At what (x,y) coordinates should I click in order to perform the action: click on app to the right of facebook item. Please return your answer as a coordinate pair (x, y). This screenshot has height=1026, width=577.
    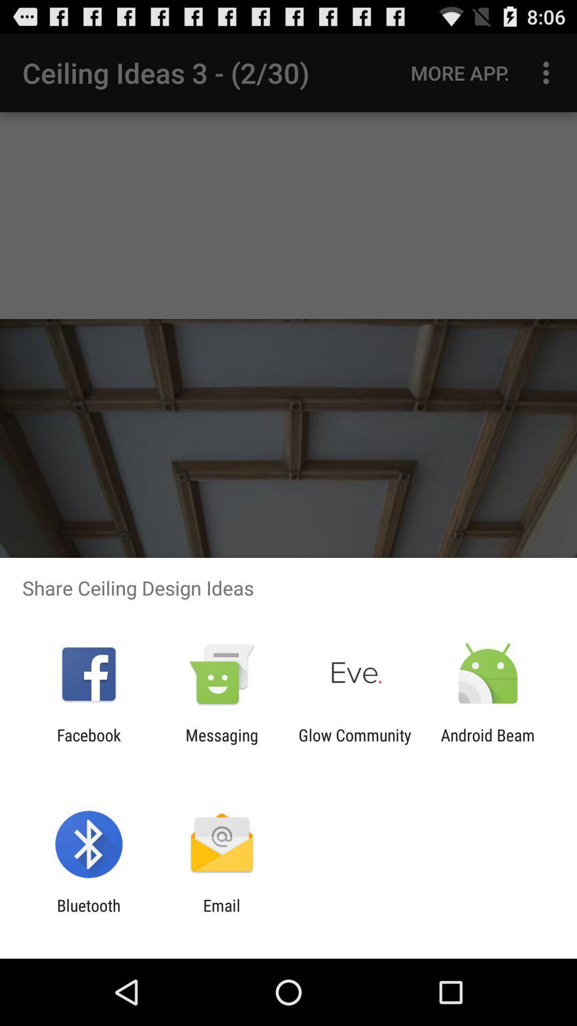
    Looking at the image, I should click on (221, 744).